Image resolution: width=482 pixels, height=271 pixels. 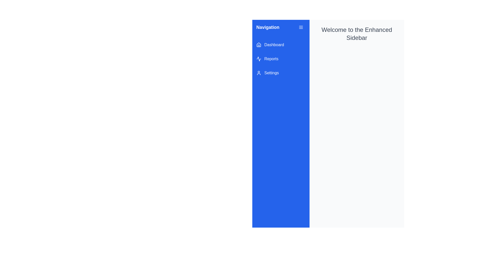 I want to click on welcoming title text located in the upper section of the right content area, adjacent to the blue navigation bar, so click(x=356, y=34).